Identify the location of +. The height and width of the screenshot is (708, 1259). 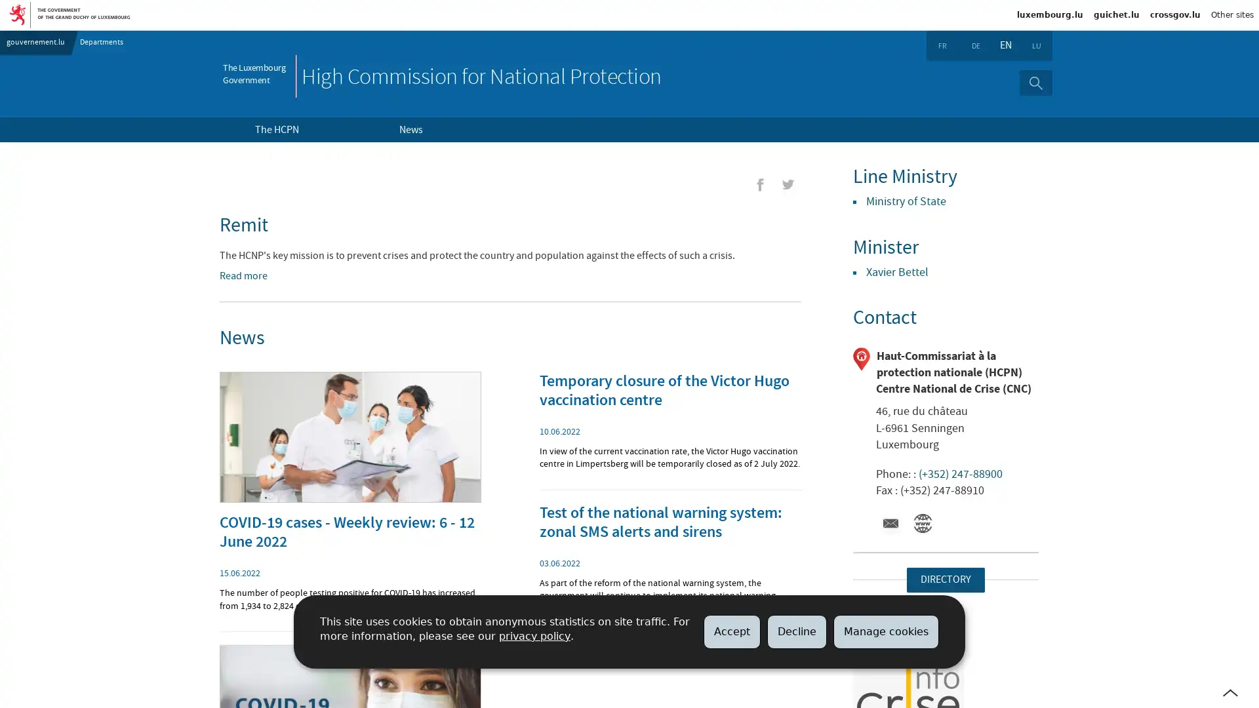
(873, 574).